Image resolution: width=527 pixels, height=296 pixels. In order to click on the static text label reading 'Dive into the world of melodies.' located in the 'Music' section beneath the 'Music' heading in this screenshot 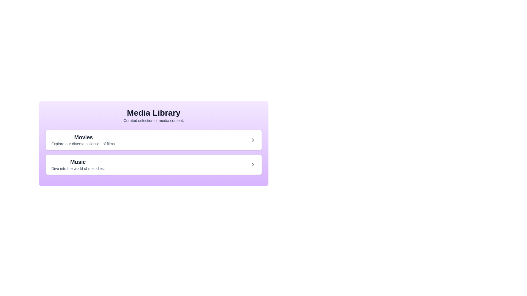, I will do `click(78, 168)`.